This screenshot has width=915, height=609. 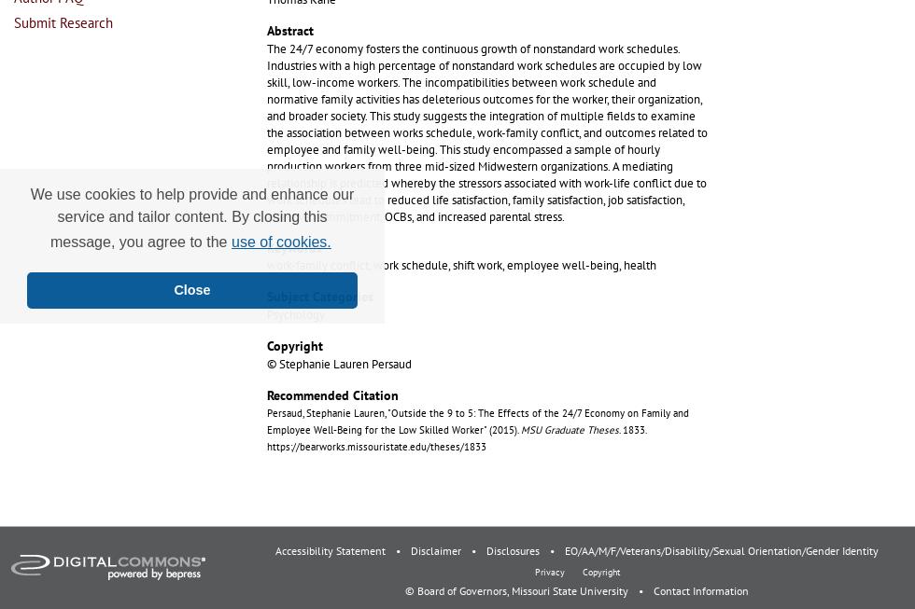 What do you see at coordinates (517, 590) in the screenshot?
I see `'© Board of Governors, Missouri State University'` at bounding box center [517, 590].